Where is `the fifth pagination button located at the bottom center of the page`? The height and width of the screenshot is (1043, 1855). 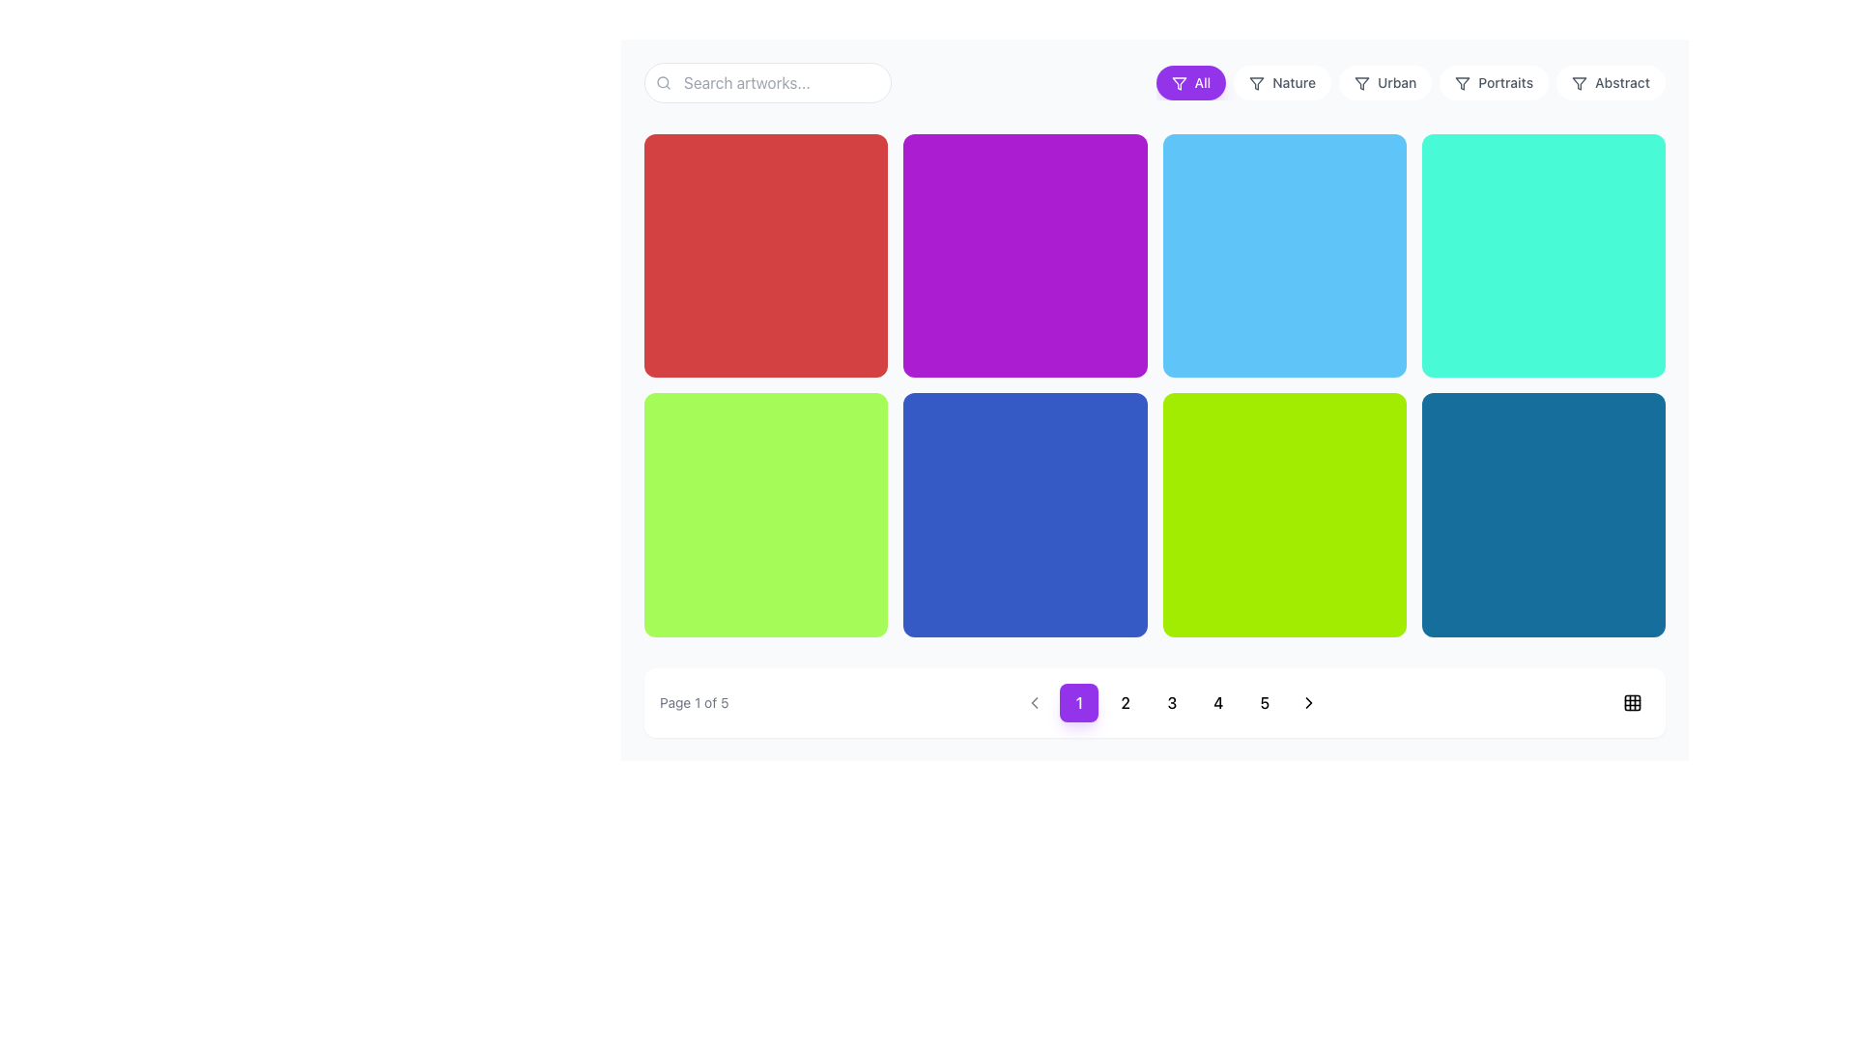
the fifth pagination button located at the bottom center of the page is located at coordinates (1265, 701).